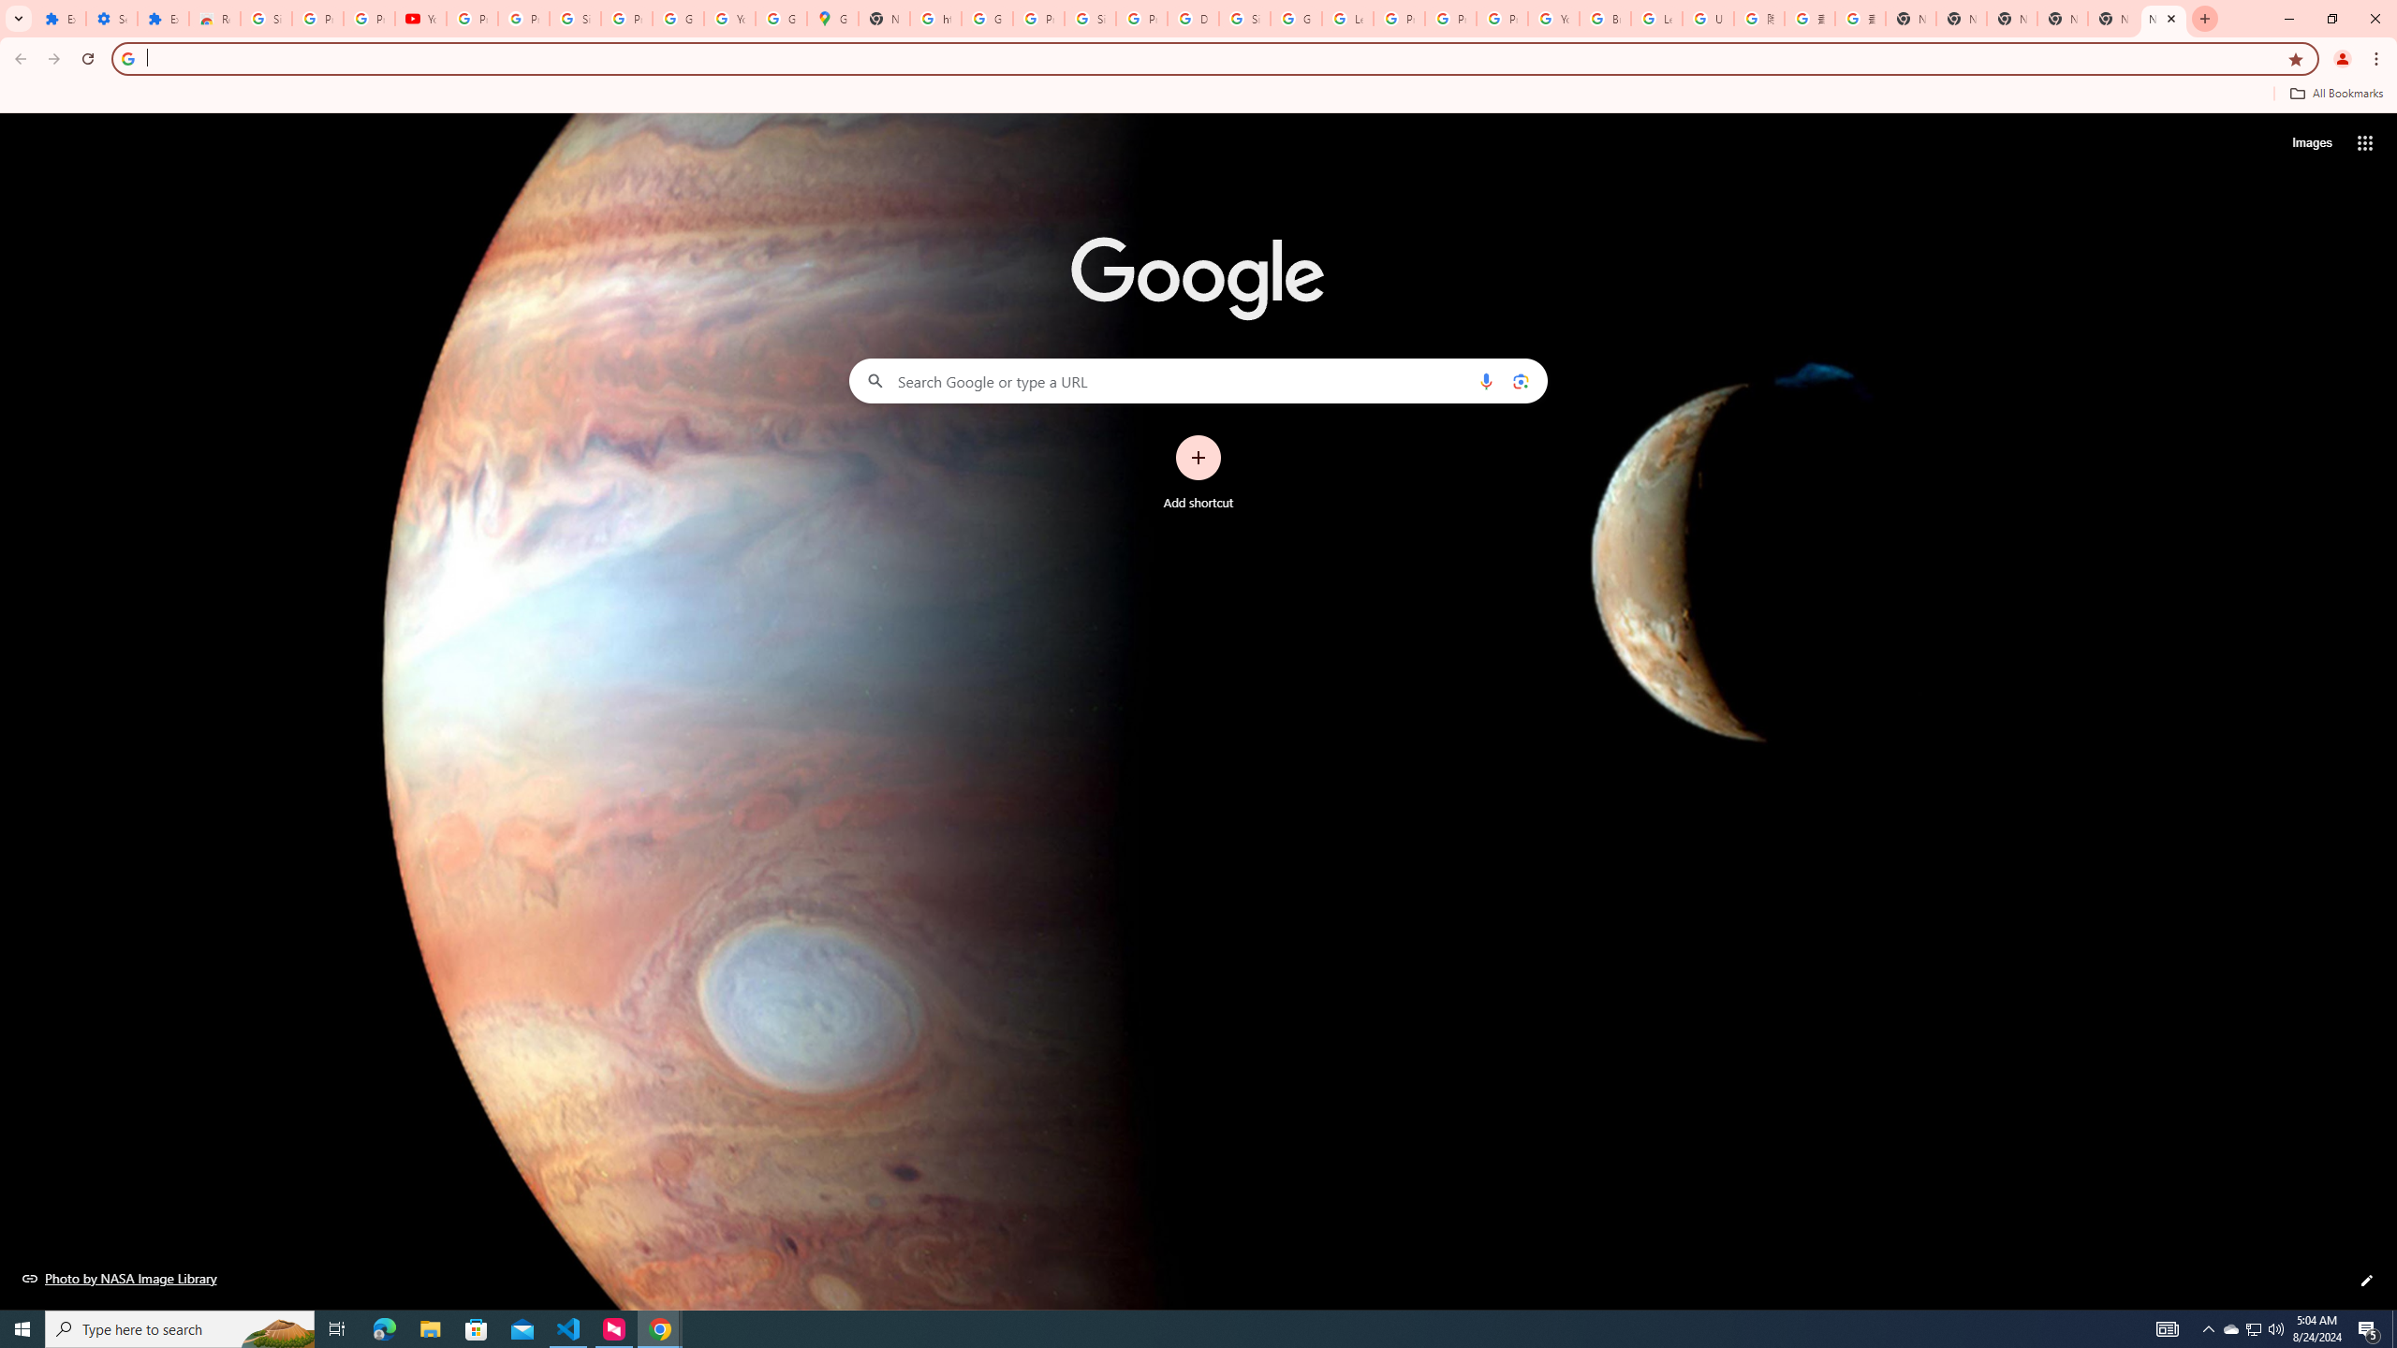 Image resolution: width=2397 pixels, height=1348 pixels. I want to click on 'Extensions', so click(163, 18).